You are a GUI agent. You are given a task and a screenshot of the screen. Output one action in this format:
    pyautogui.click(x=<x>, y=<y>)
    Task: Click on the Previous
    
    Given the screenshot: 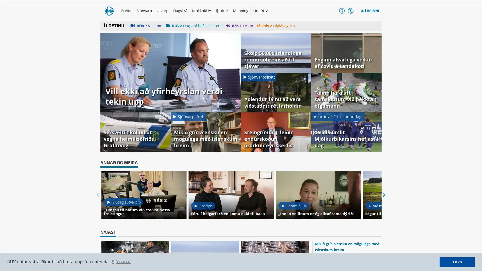 What is the action you would take?
    pyautogui.click(x=98, y=195)
    